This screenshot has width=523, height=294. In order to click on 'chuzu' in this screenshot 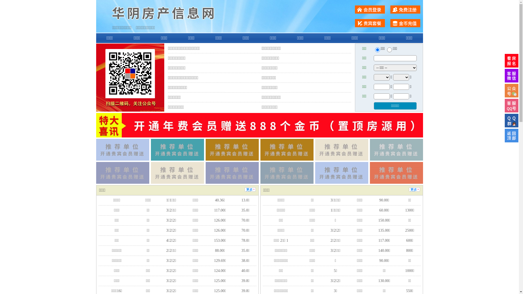, I will do `click(389, 50)`.